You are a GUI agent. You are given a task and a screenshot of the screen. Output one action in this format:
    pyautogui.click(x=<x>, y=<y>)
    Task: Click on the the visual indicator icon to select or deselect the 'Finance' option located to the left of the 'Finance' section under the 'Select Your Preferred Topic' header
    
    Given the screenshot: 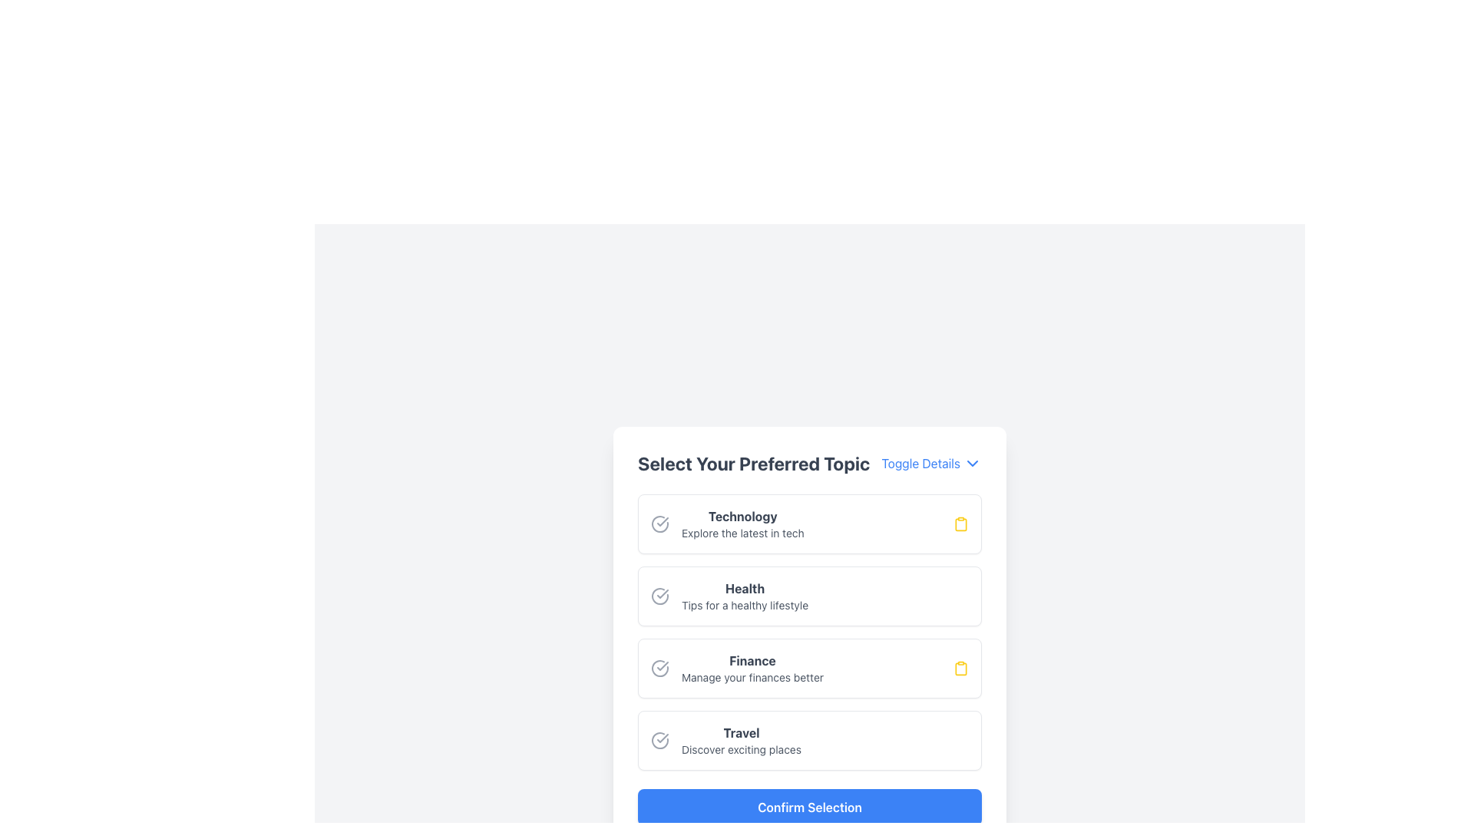 What is the action you would take?
    pyautogui.click(x=659, y=668)
    